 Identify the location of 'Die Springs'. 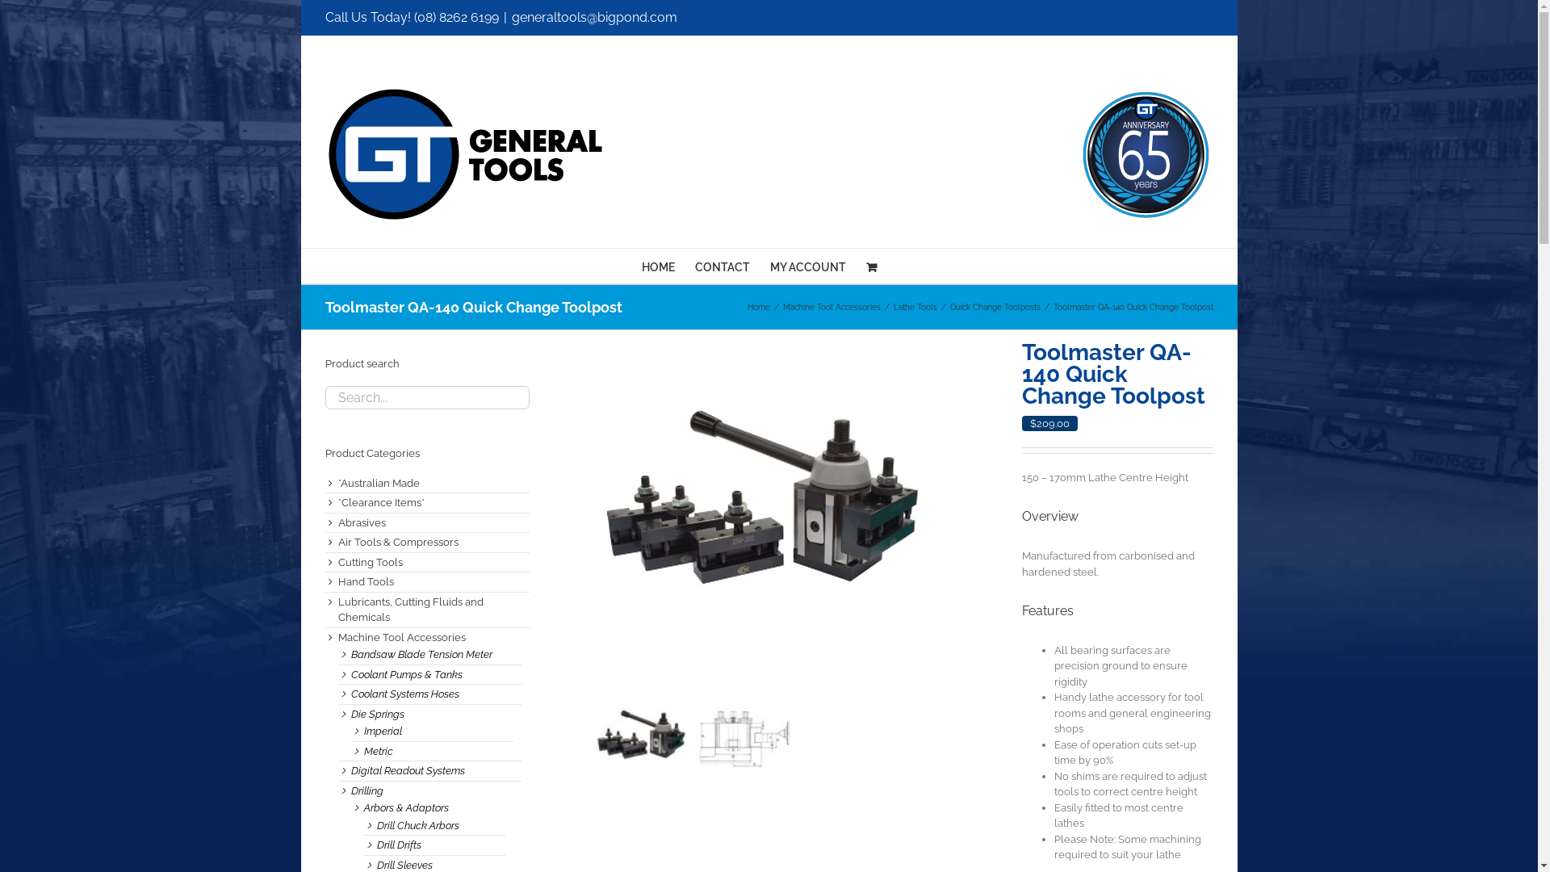
(375, 713).